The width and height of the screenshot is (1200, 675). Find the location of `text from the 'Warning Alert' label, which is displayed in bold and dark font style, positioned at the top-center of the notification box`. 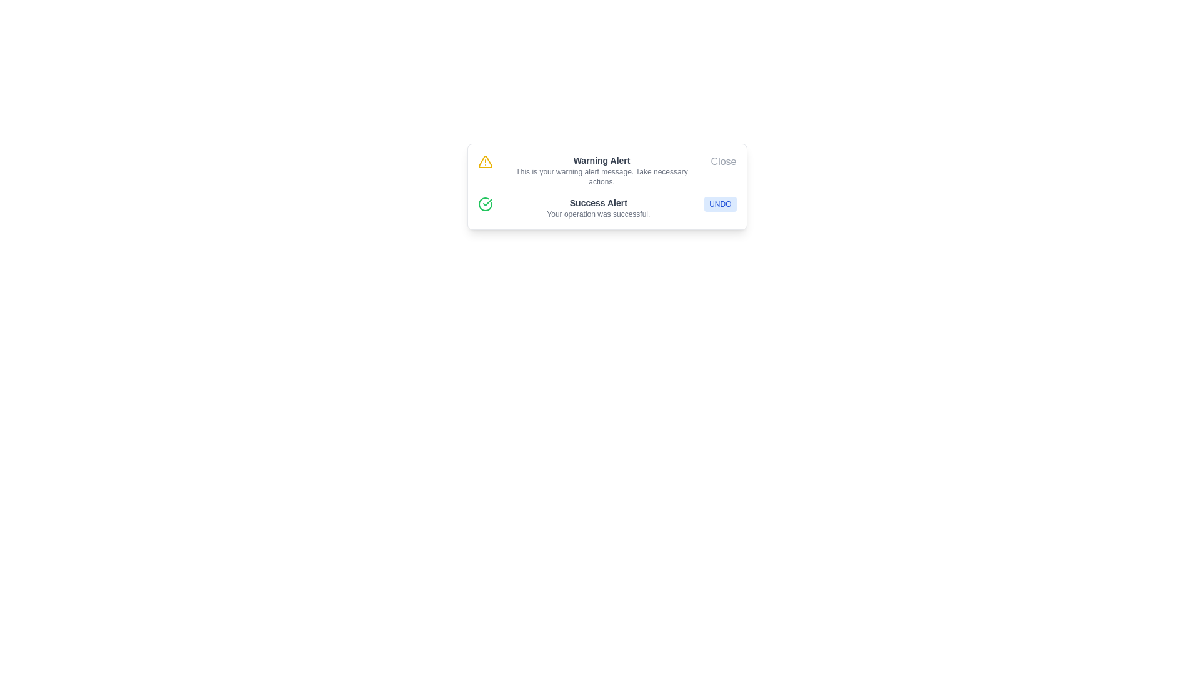

text from the 'Warning Alert' label, which is displayed in bold and dark font style, positioned at the top-center of the notification box is located at coordinates (602, 160).